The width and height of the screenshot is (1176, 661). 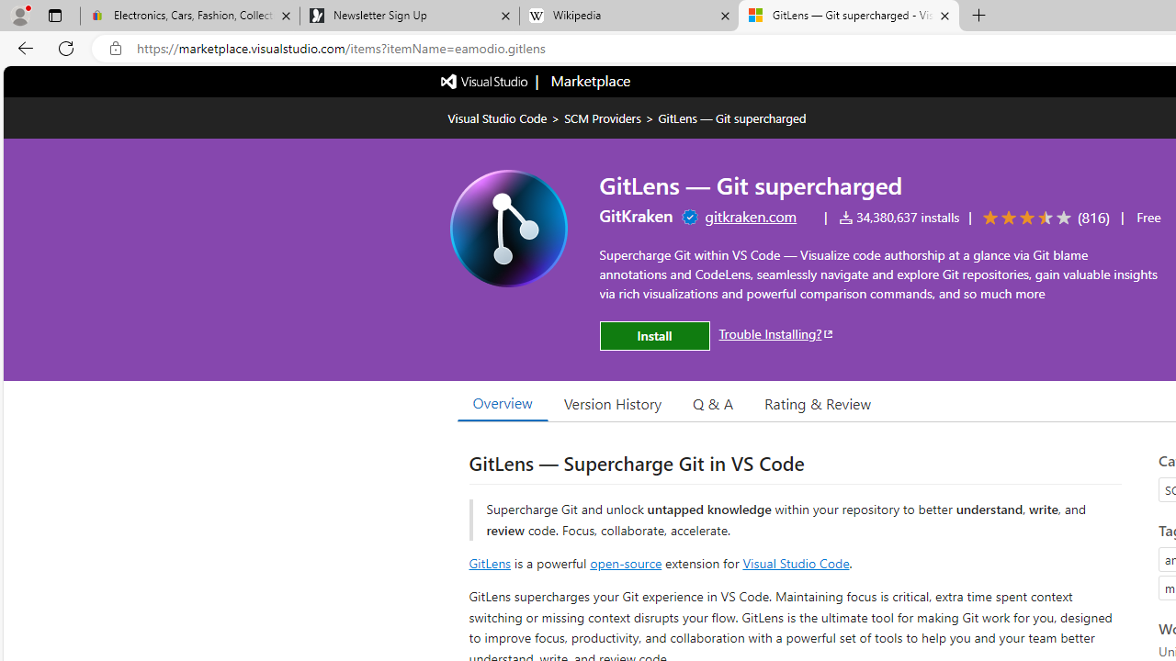 What do you see at coordinates (603, 118) in the screenshot?
I see `'SCM Providers'` at bounding box center [603, 118].